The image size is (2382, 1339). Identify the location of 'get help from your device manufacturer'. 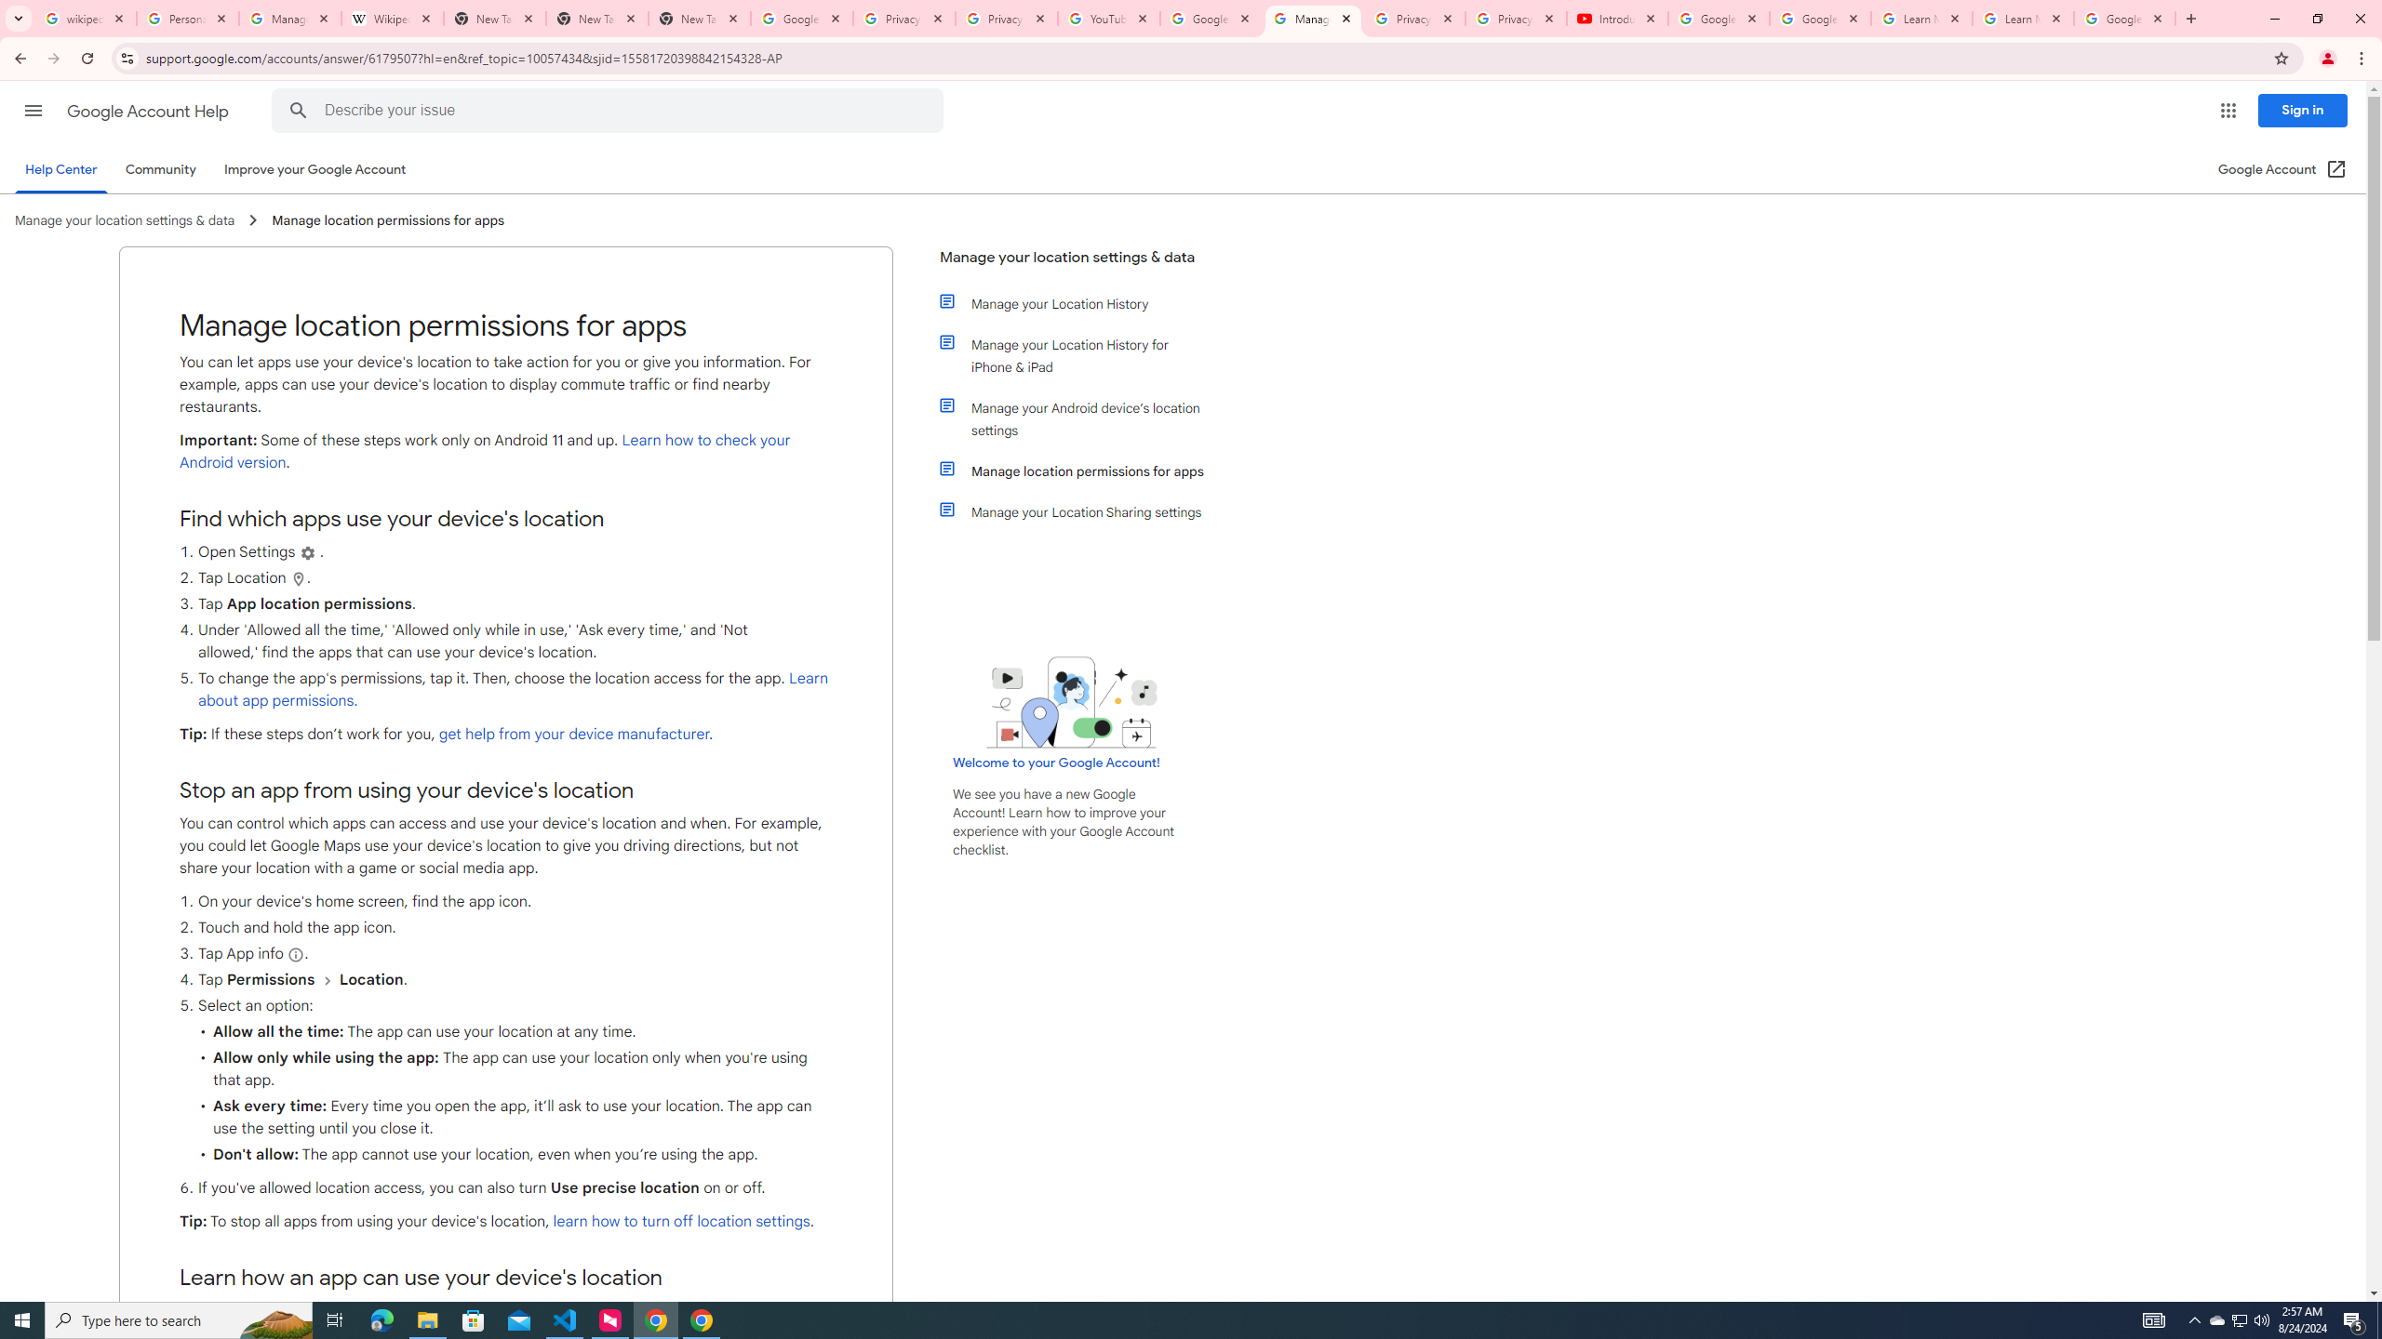
(572, 734).